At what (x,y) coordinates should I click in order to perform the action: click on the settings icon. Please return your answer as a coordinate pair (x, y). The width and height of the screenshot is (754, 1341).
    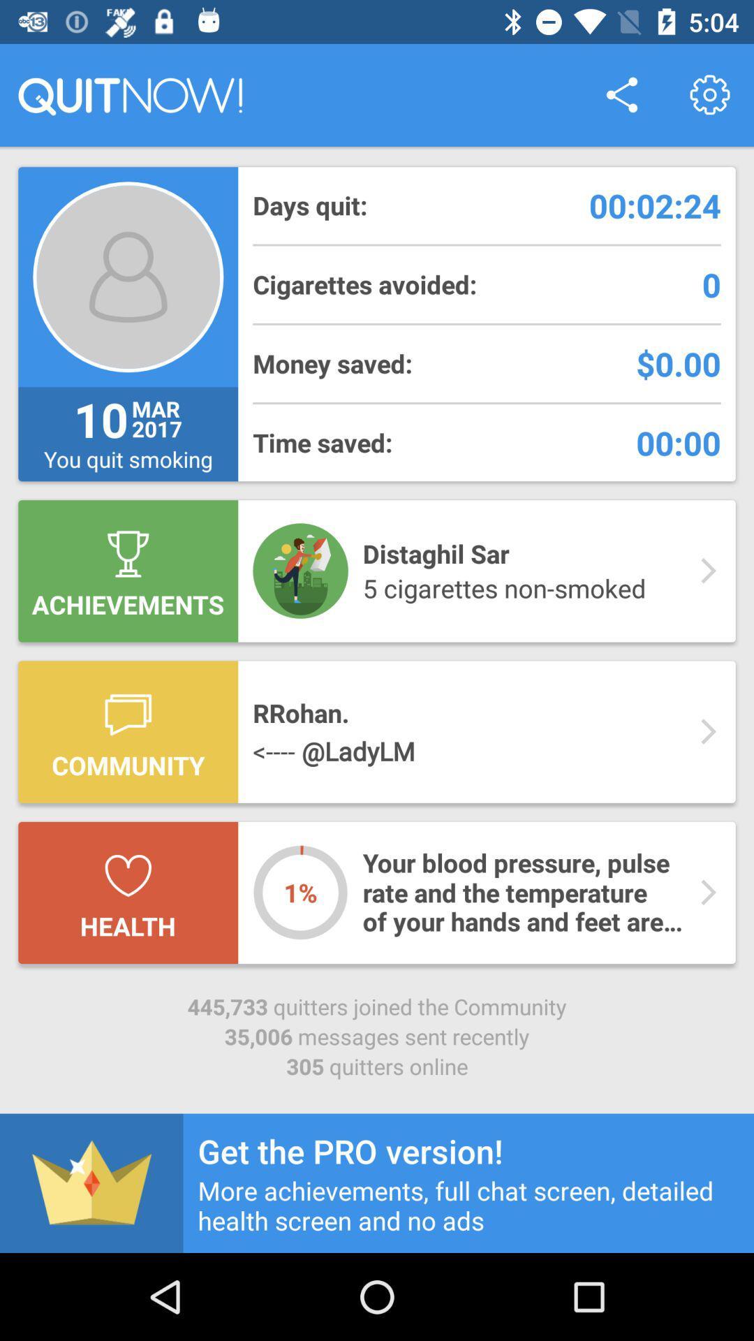
    Looking at the image, I should click on (710, 94).